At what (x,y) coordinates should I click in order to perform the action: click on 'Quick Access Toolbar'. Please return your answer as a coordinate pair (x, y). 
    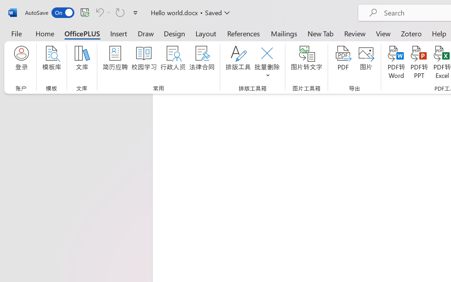
    Looking at the image, I should click on (82, 12).